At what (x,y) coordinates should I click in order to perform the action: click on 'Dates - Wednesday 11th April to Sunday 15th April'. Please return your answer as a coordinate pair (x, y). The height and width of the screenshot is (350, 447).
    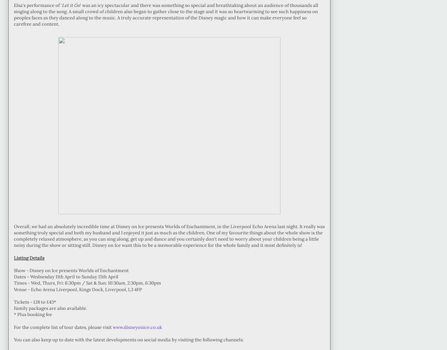
    Looking at the image, I should click on (14, 276).